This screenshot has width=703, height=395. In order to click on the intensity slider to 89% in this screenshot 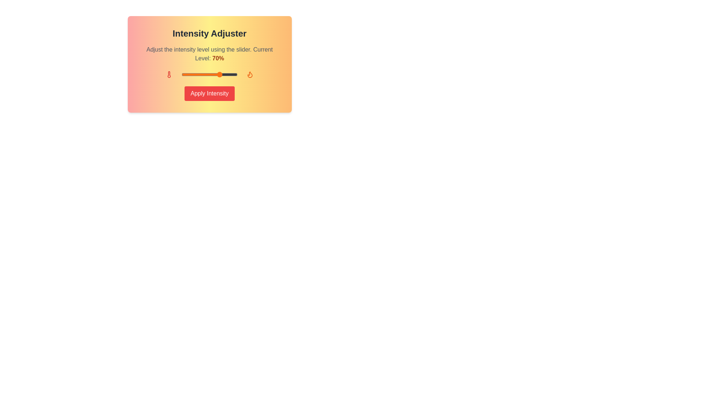, I will do `click(231, 75)`.